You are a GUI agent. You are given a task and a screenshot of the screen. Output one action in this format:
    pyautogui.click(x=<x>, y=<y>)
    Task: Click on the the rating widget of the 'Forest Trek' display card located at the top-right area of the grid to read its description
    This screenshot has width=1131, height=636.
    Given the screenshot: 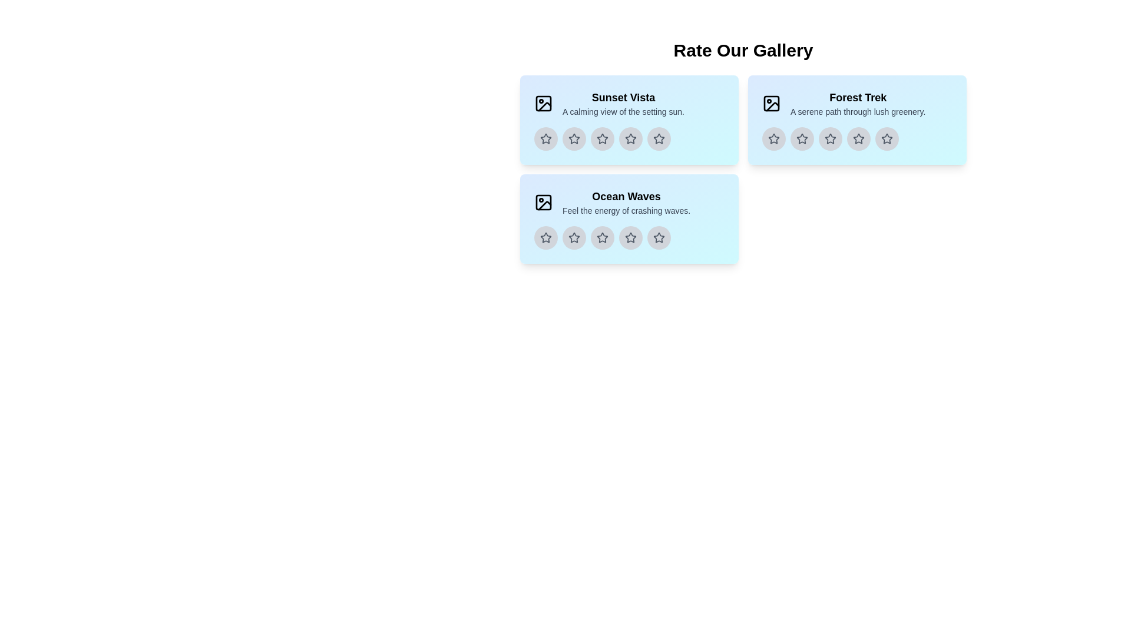 What is the action you would take?
    pyautogui.click(x=857, y=120)
    